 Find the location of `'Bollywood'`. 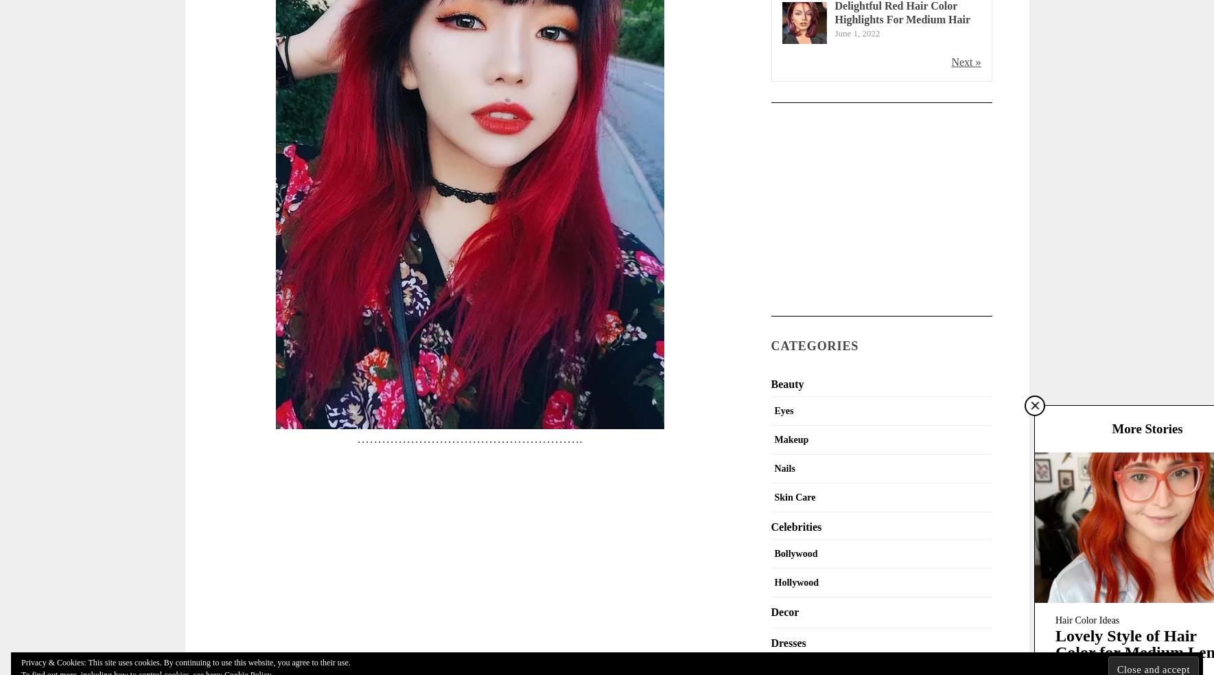

'Bollywood' is located at coordinates (795, 552).